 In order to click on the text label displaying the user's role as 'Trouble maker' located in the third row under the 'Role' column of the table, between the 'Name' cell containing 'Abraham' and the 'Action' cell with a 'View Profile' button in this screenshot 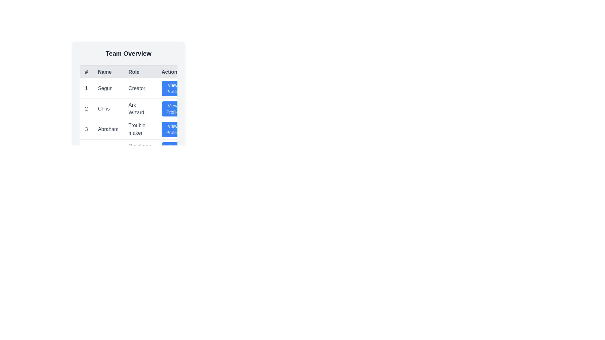, I will do `click(140, 129)`.